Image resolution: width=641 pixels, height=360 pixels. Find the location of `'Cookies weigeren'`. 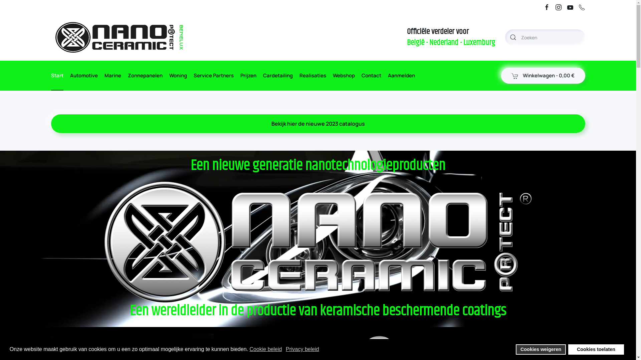

'Cookies weigeren' is located at coordinates (541, 349).